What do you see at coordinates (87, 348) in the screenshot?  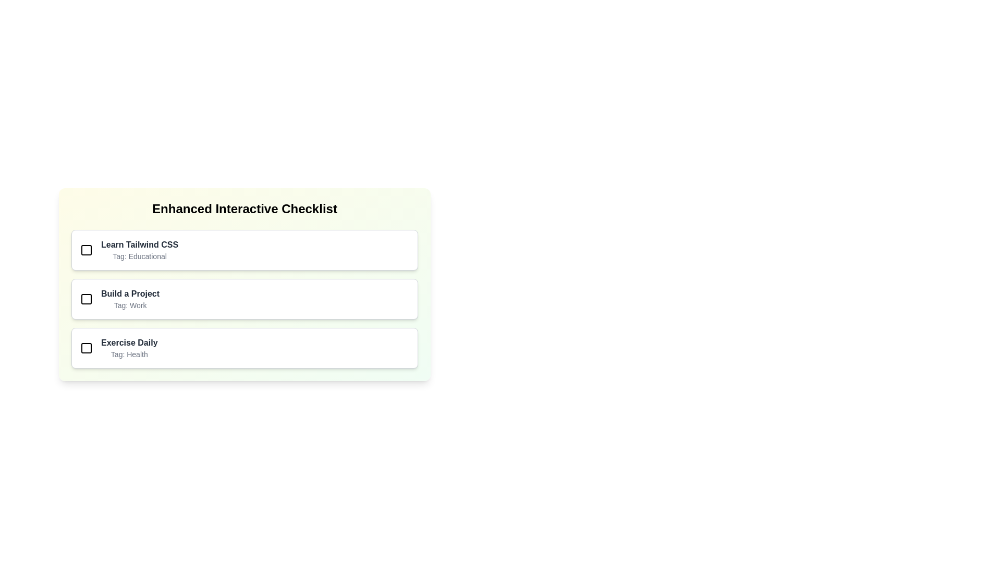 I see `the checkbox on the far left of the 'Exercise Daily' row in the checklist` at bounding box center [87, 348].